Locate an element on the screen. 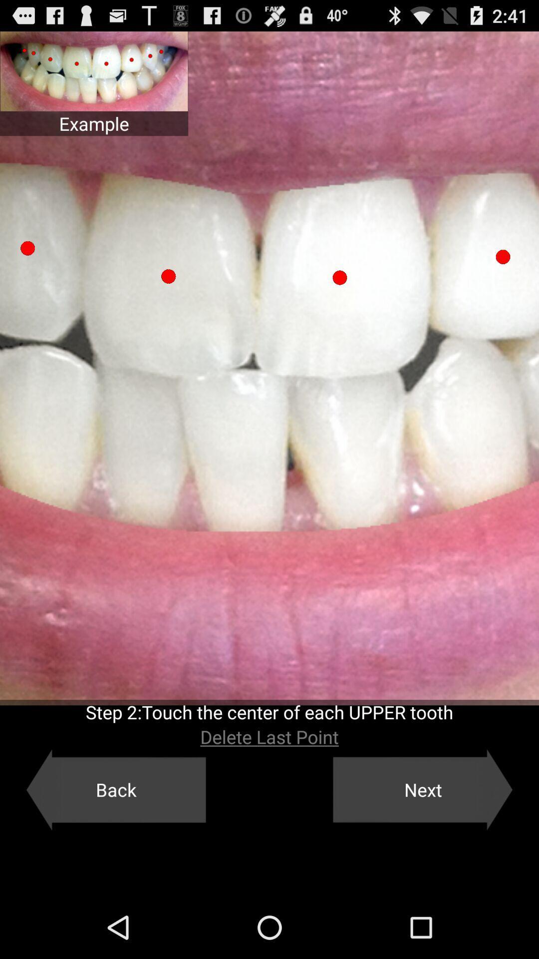  the delete last point app is located at coordinates (269, 737).